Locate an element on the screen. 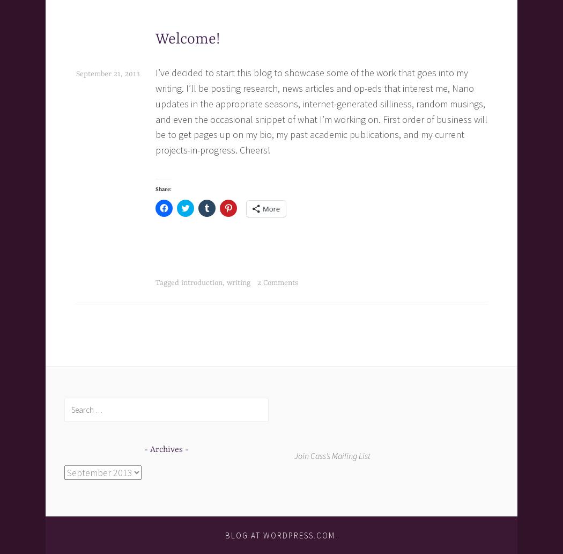 This screenshot has height=554, width=563. 'Join Cass’s Mailing List' is located at coordinates (332, 455).